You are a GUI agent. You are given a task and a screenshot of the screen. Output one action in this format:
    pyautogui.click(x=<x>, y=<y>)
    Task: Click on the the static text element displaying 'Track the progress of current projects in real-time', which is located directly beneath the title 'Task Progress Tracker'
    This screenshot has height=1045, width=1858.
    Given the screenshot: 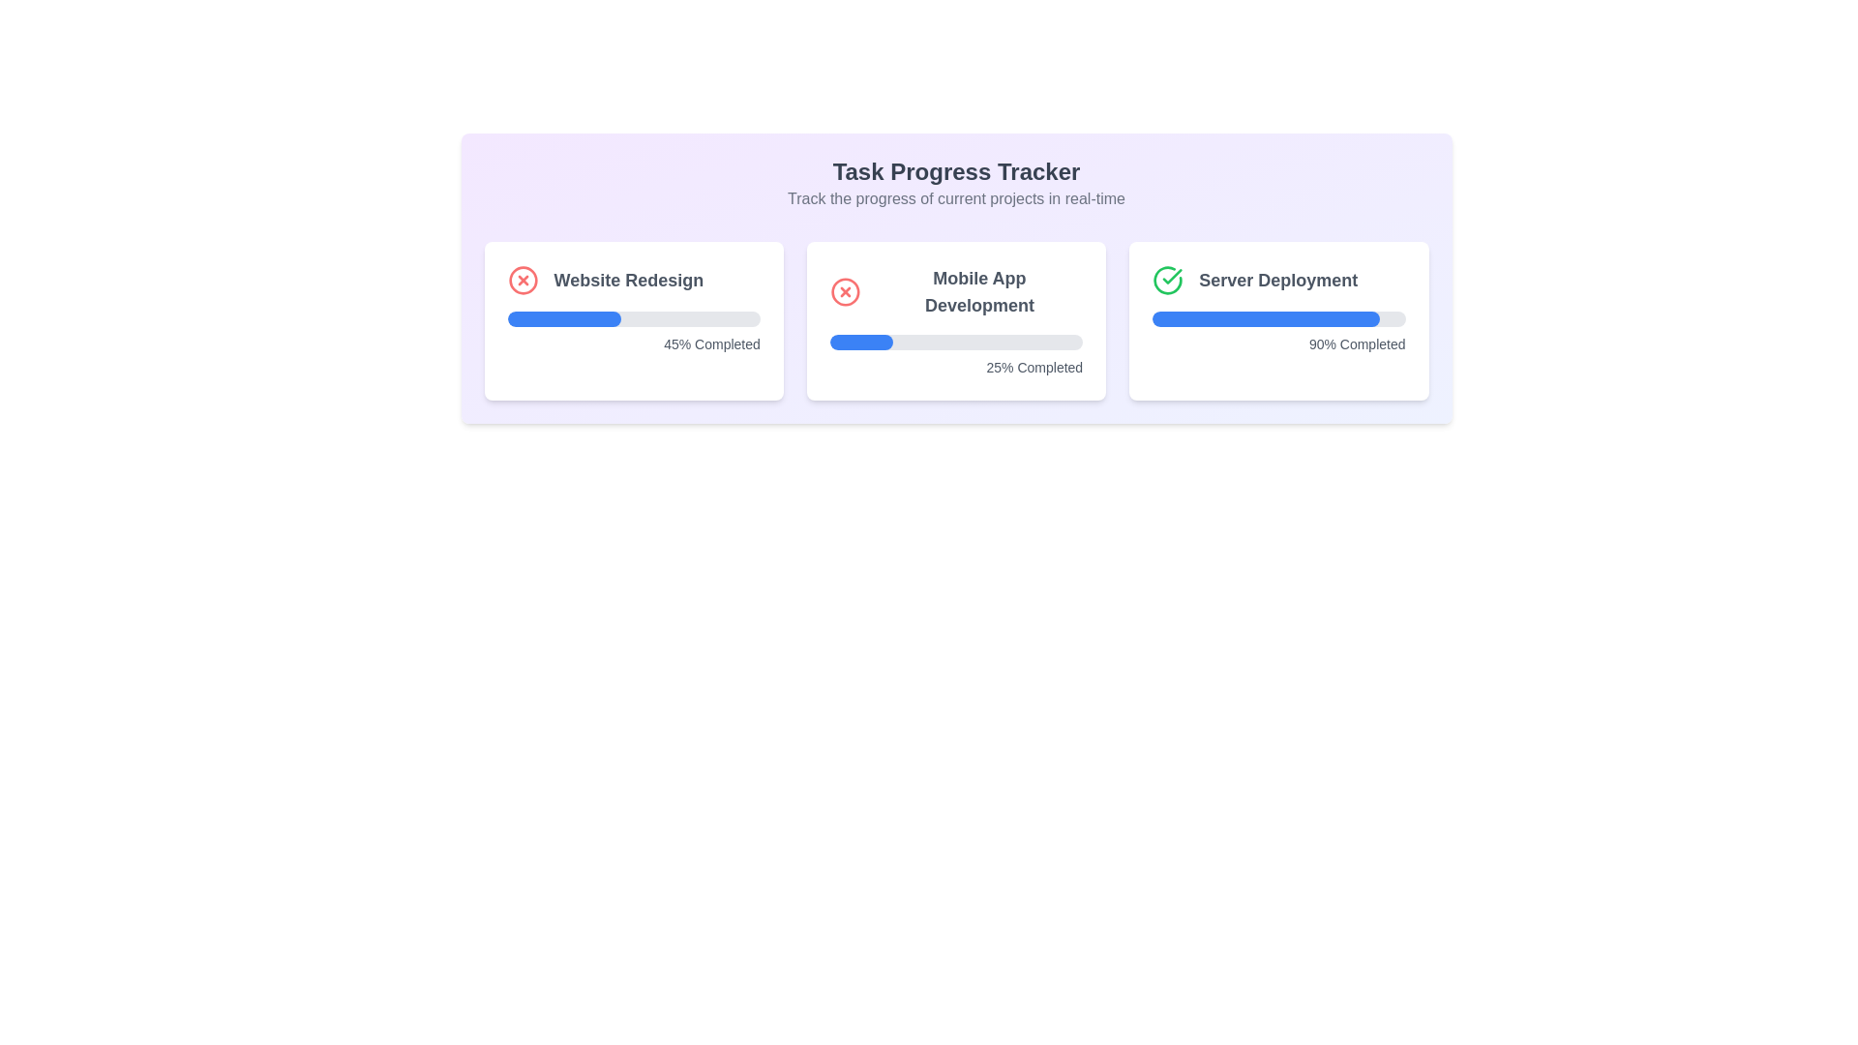 What is the action you would take?
    pyautogui.click(x=956, y=198)
    